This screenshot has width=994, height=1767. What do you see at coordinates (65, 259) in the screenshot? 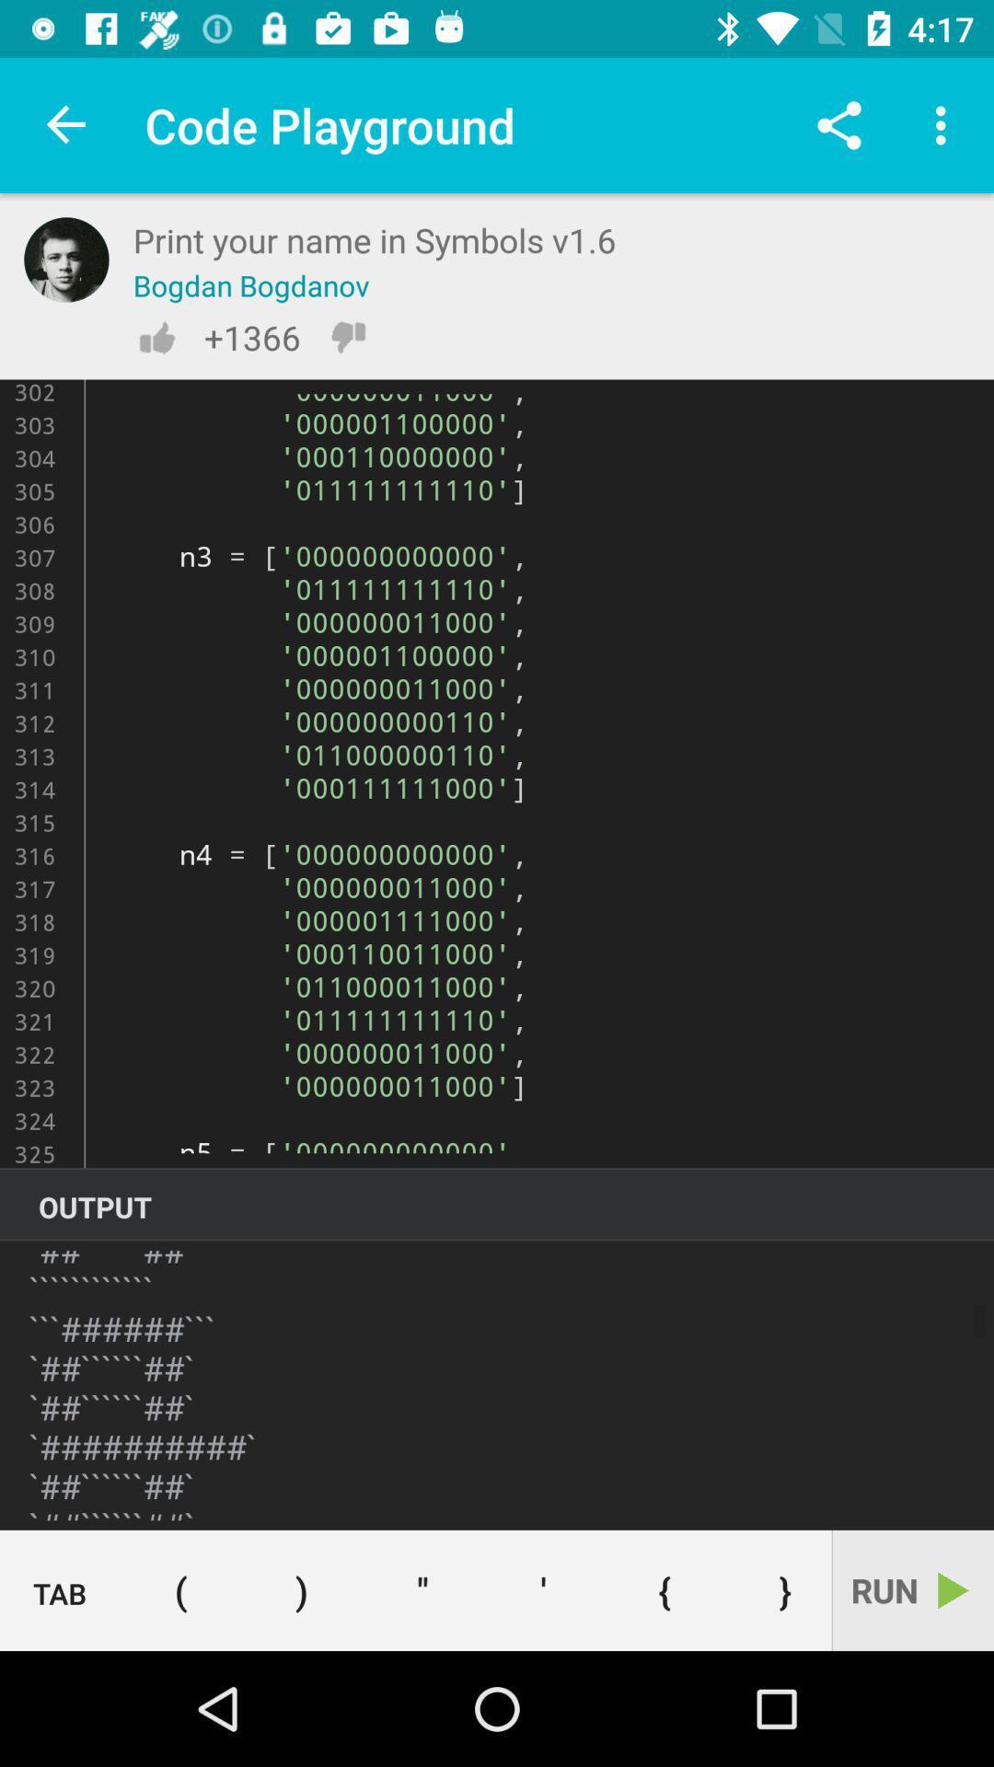
I see `the avatar icon` at bounding box center [65, 259].